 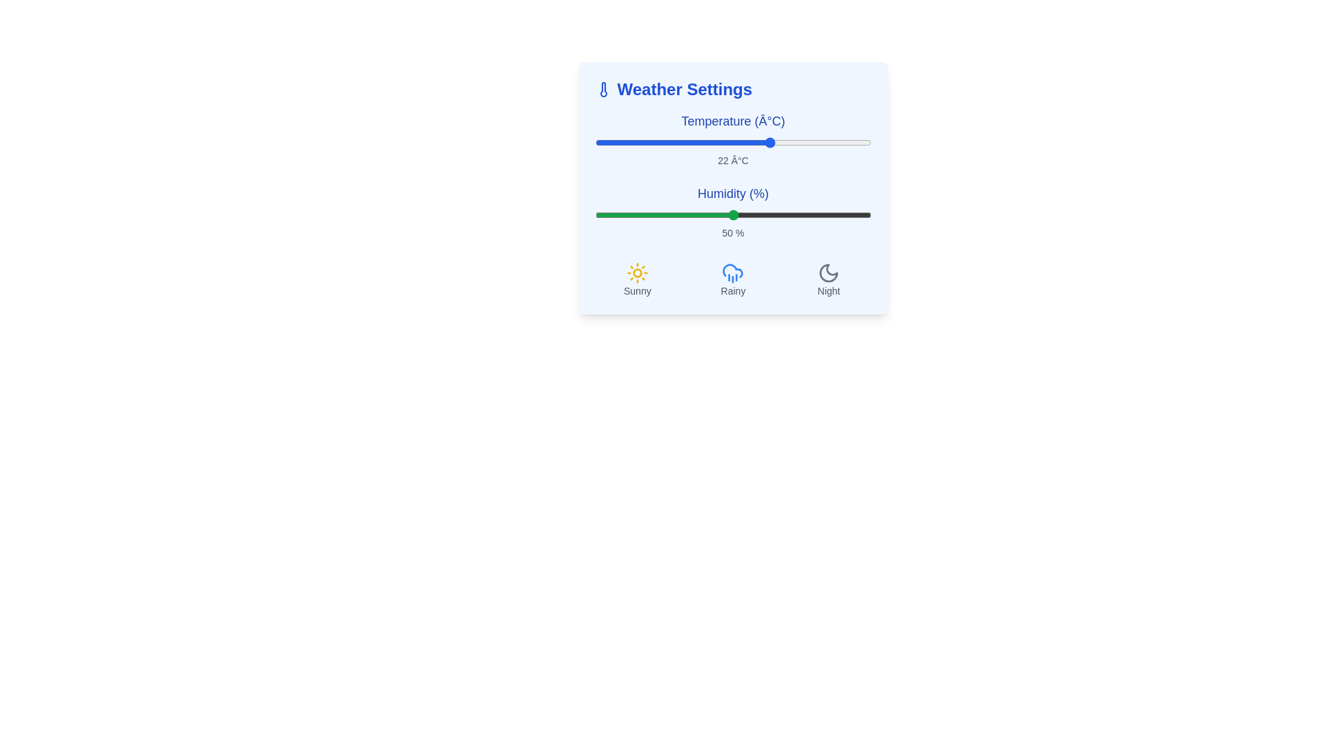 I want to click on the decorative thermometer icon representing the temperature or weather, which is positioned to the left of the 'Weather Settings' text, so click(x=603, y=90).